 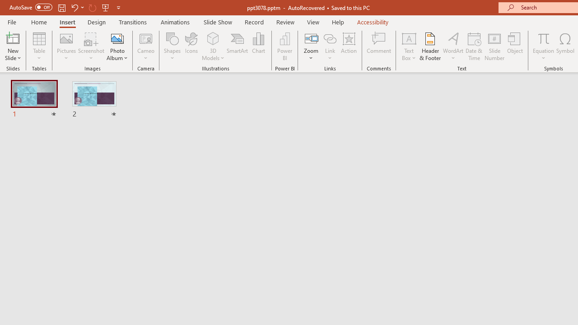 What do you see at coordinates (494, 46) in the screenshot?
I see `'Slide Number'` at bounding box center [494, 46].